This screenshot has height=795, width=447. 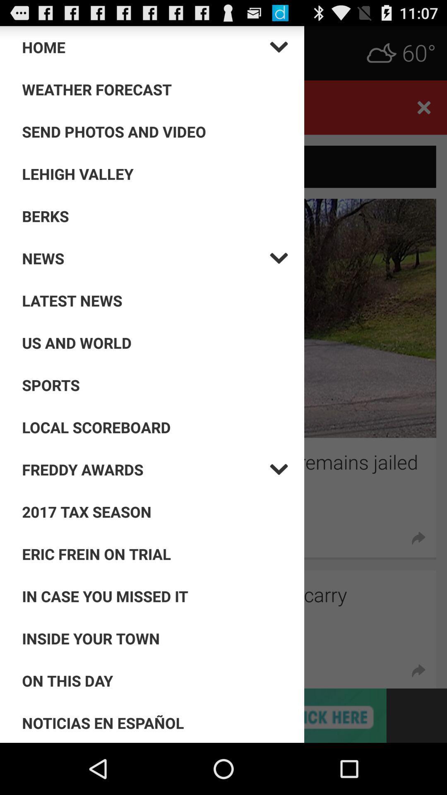 I want to click on the option above berks, so click(x=155, y=173).